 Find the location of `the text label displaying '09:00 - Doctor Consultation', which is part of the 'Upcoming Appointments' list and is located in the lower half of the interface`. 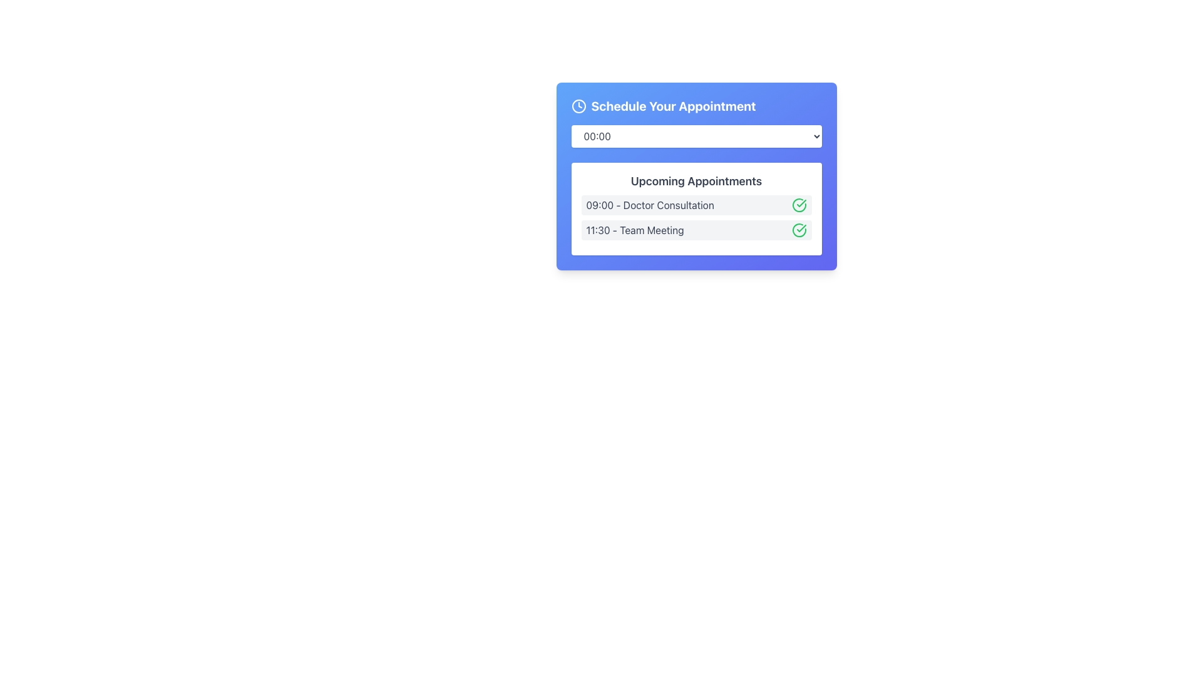

the text label displaying '09:00 - Doctor Consultation', which is part of the 'Upcoming Appointments' list and is located in the lower half of the interface is located at coordinates (650, 204).